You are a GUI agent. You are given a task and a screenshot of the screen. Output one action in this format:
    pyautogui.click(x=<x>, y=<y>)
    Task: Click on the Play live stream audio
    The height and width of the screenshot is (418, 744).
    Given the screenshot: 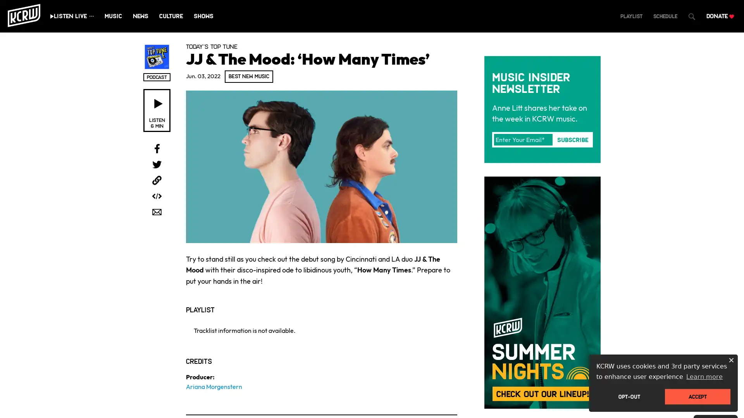 What is the action you would take?
    pyautogui.click(x=69, y=16)
    